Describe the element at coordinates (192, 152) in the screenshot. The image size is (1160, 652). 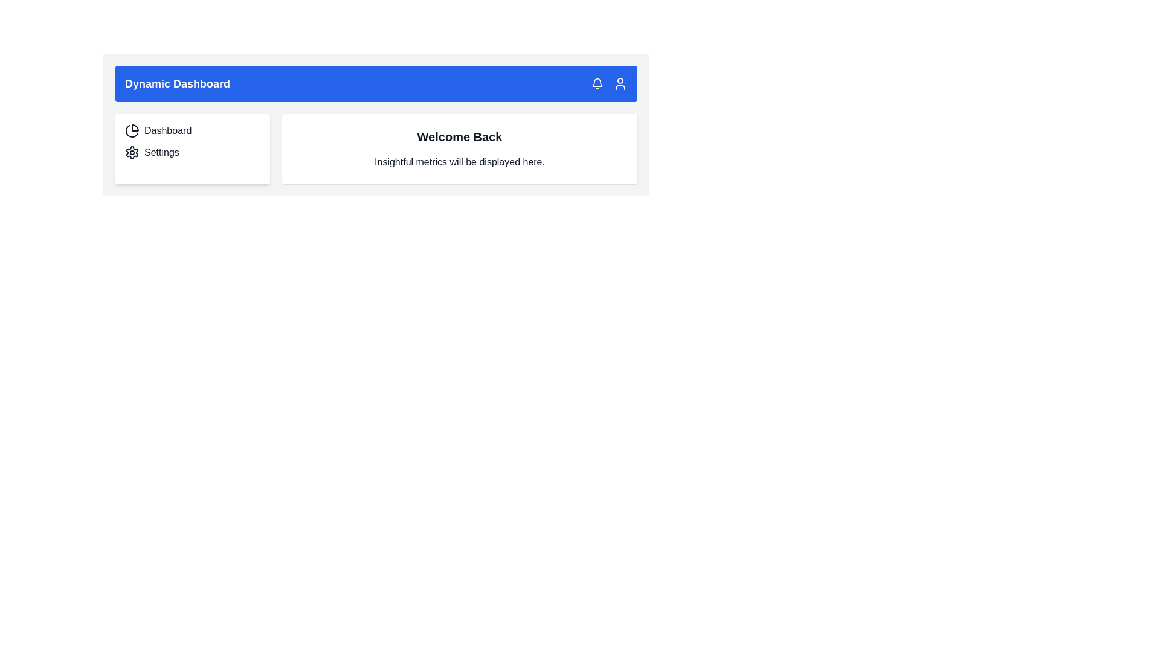
I see `the settings button located beneath the 'Dashboard' item in the vertical list of options on the left-hand side of the interface` at that location.